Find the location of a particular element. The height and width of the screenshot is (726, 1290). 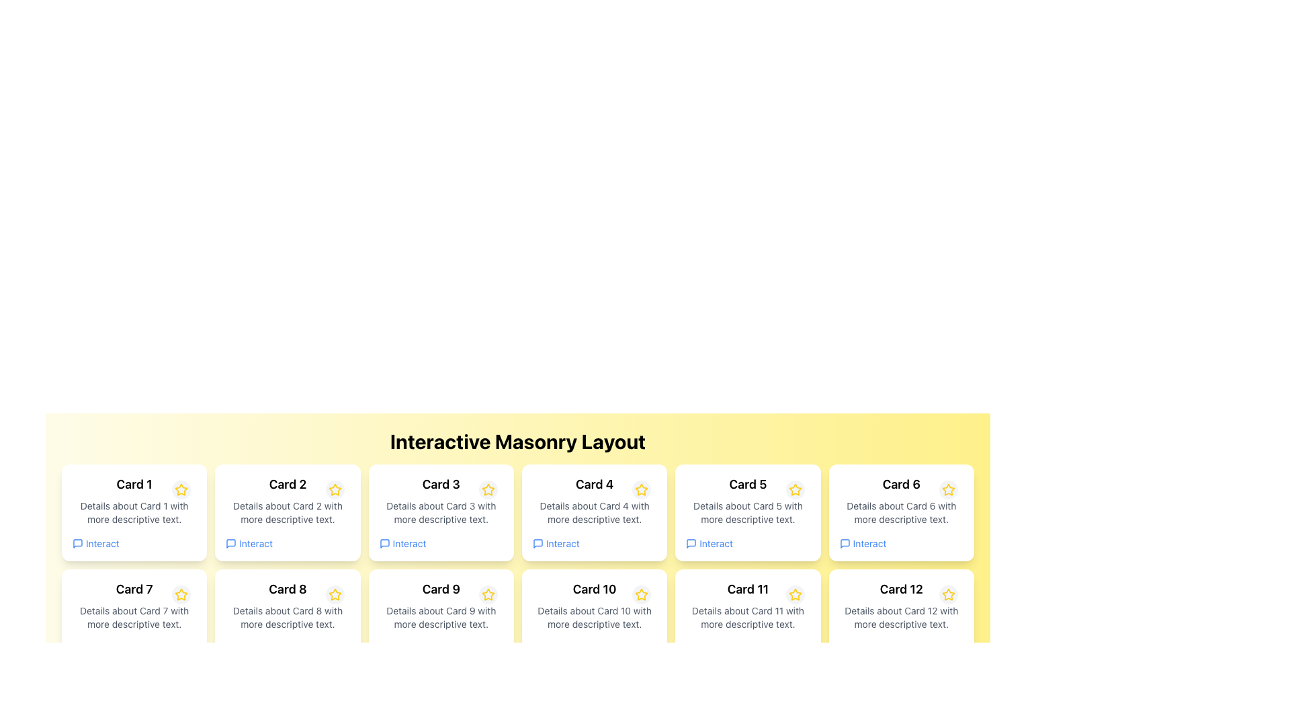

the favorite button located in the top-right corner of 'Card 5' to mark it as a favorite is located at coordinates (795, 490).